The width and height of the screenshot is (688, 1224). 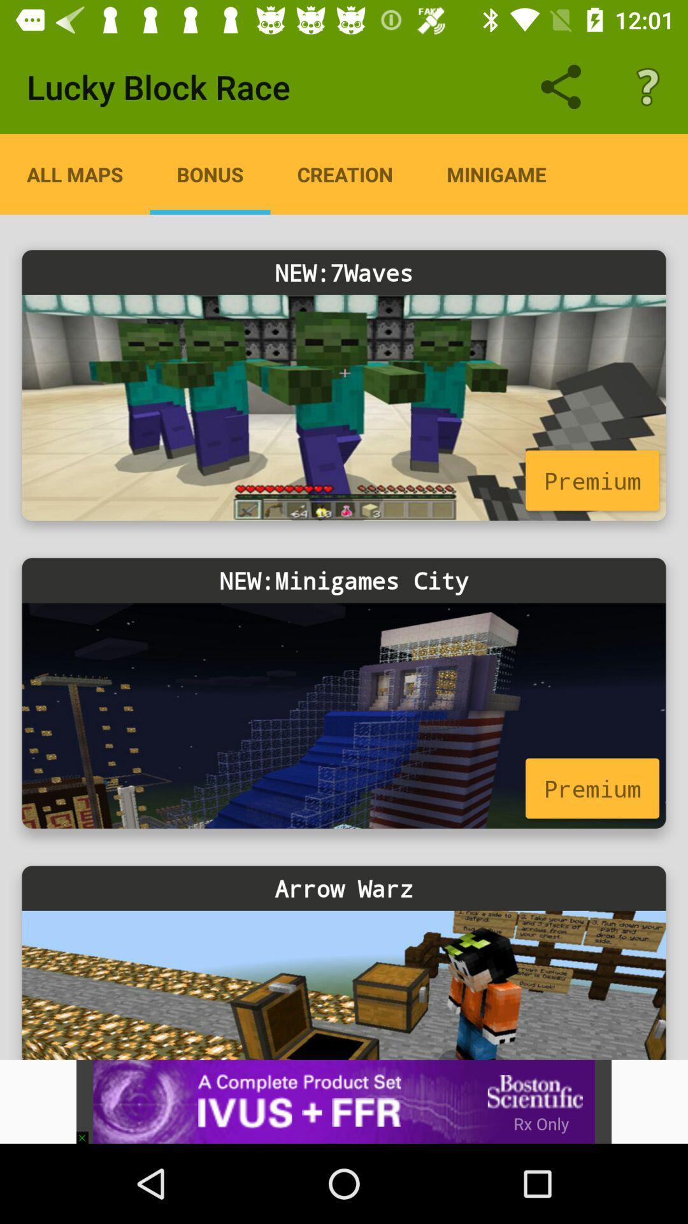 I want to click on the item to the right of the bonus icon, so click(x=345, y=173).